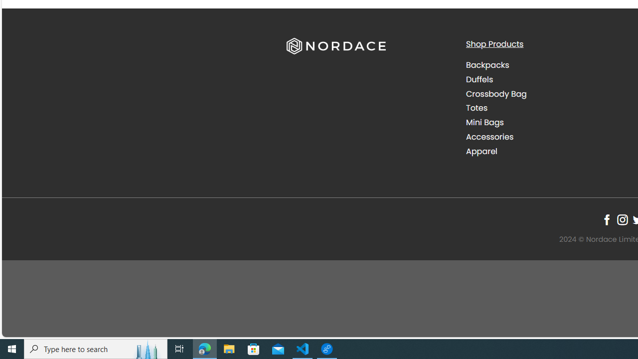 Image resolution: width=638 pixels, height=359 pixels. I want to click on 'Totes', so click(476, 108).